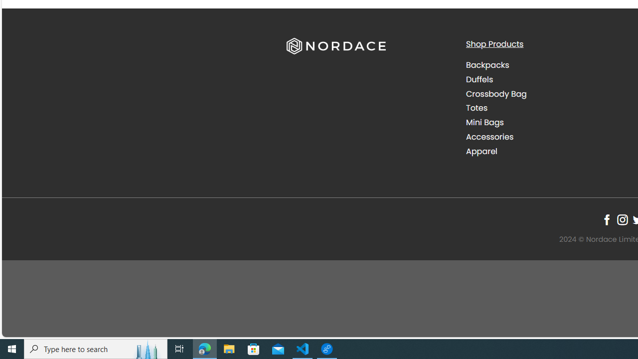 Image resolution: width=638 pixels, height=359 pixels. I want to click on 'Totes', so click(476, 108).